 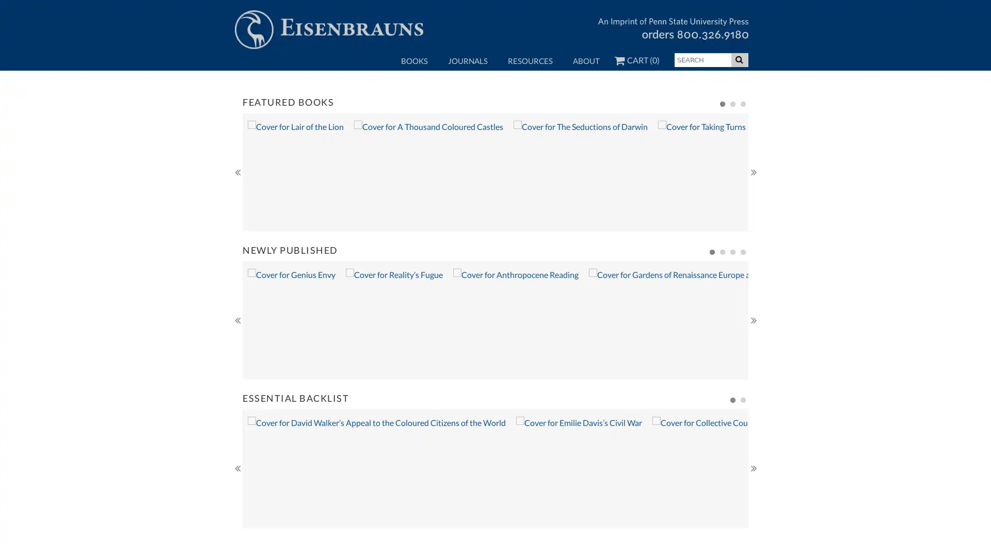 What do you see at coordinates (743, 400) in the screenshot?
I see `2` at bounding box center [743, 400].